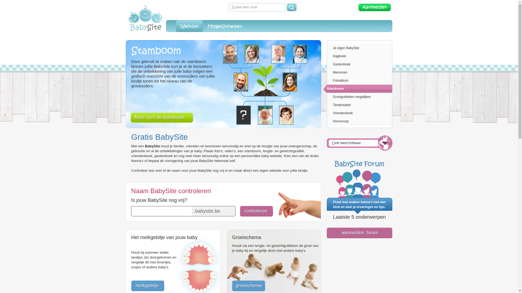 The width and height of the screenshot is (522, 293). Describe the element at coordinates (324, 105) in the screenshot. I see `'Tandentabel'` at that location.